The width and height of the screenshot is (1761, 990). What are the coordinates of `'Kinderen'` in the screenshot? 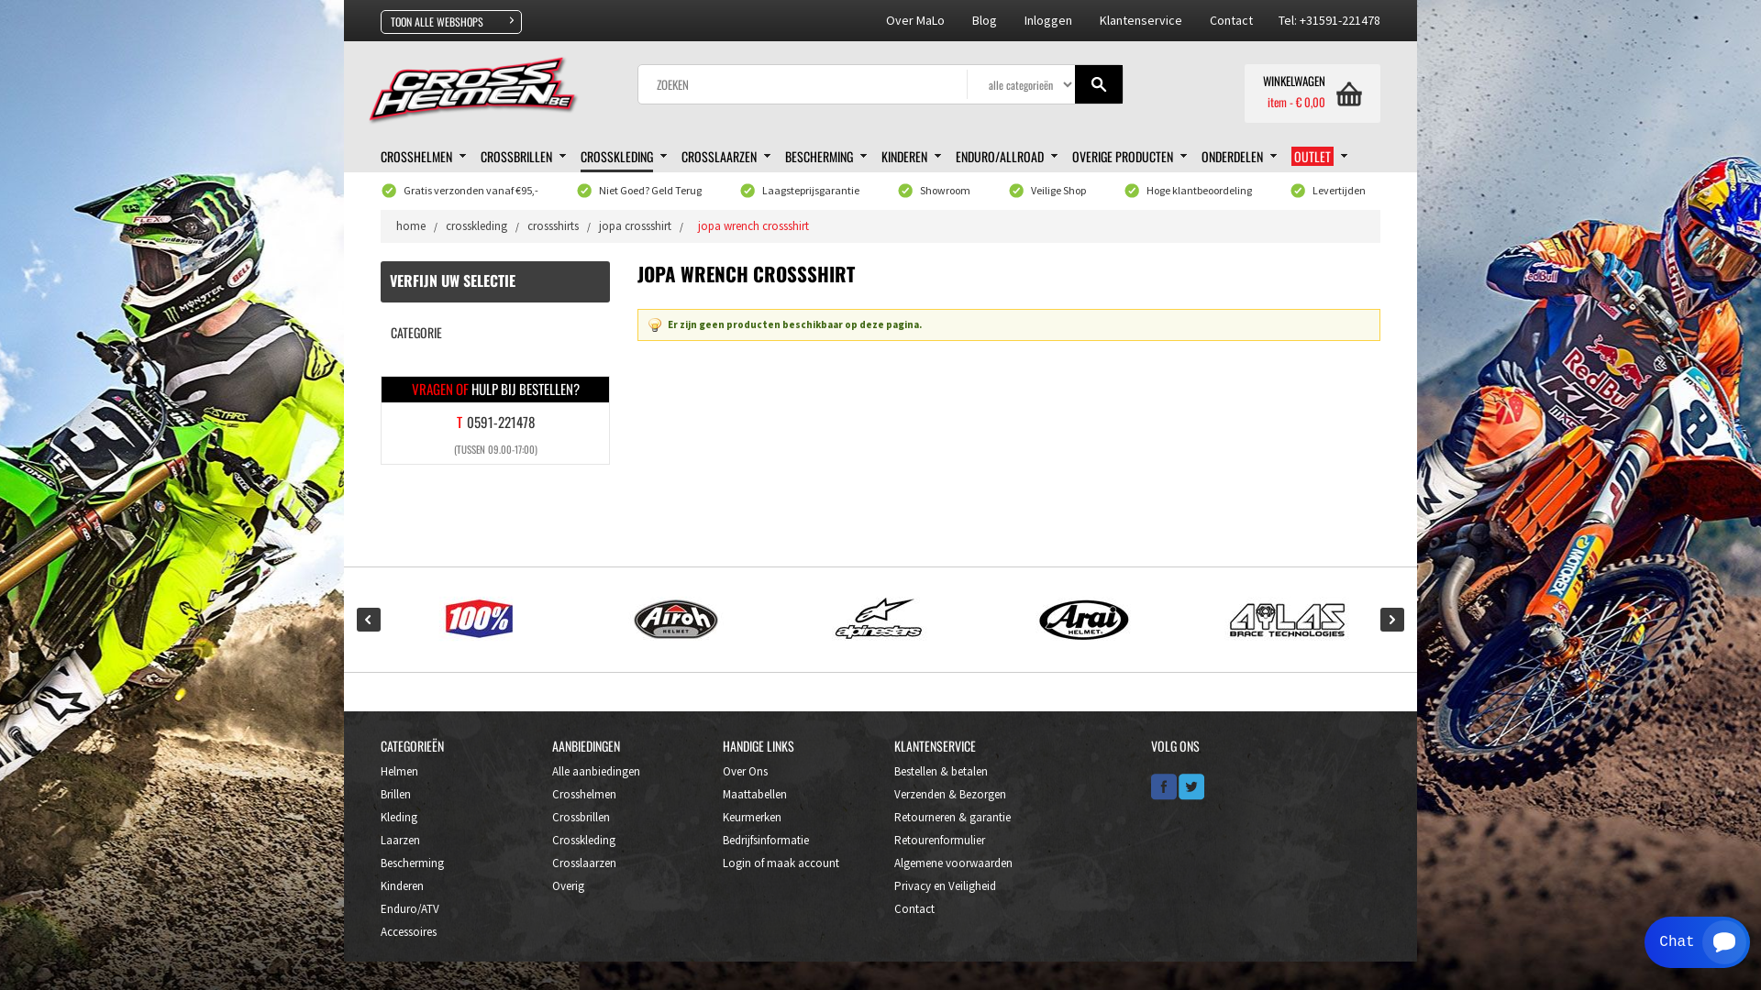 It's located at (379, 885).